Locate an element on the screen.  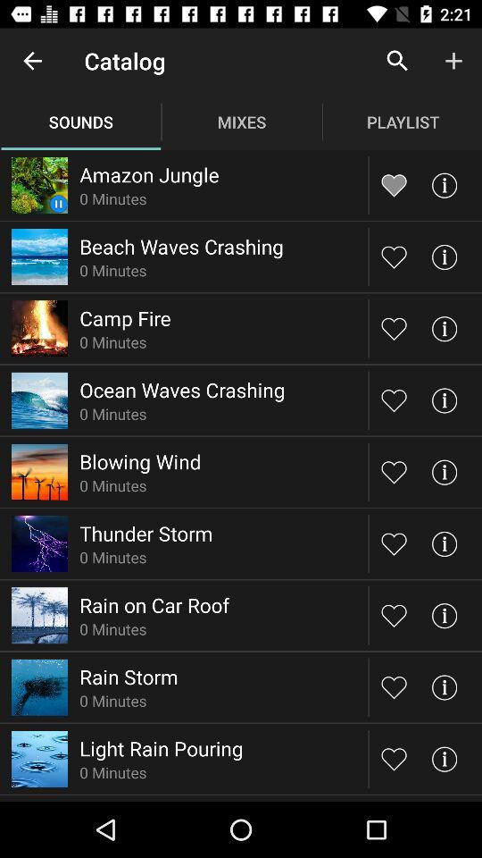
the track is located at coordinates (394, 543).